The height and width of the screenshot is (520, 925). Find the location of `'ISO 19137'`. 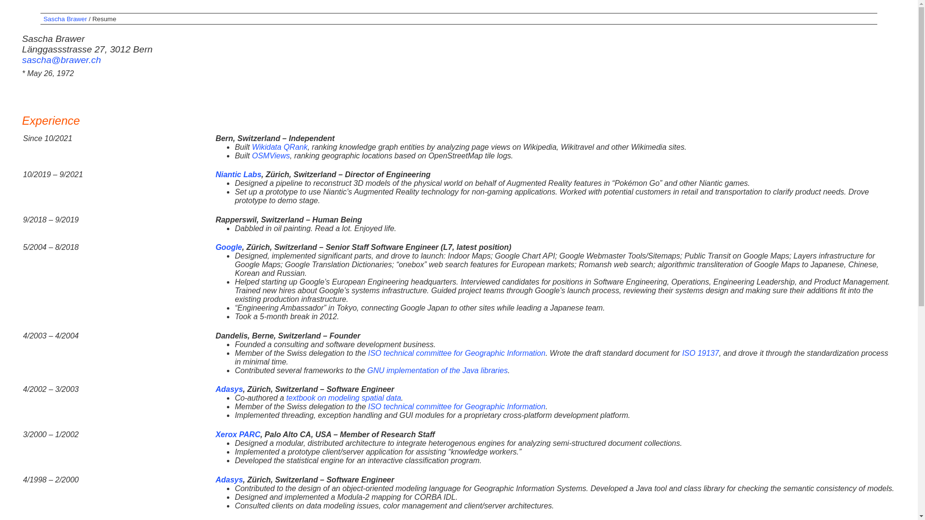

'ISO 19137' is located at coordinates (700, 353).